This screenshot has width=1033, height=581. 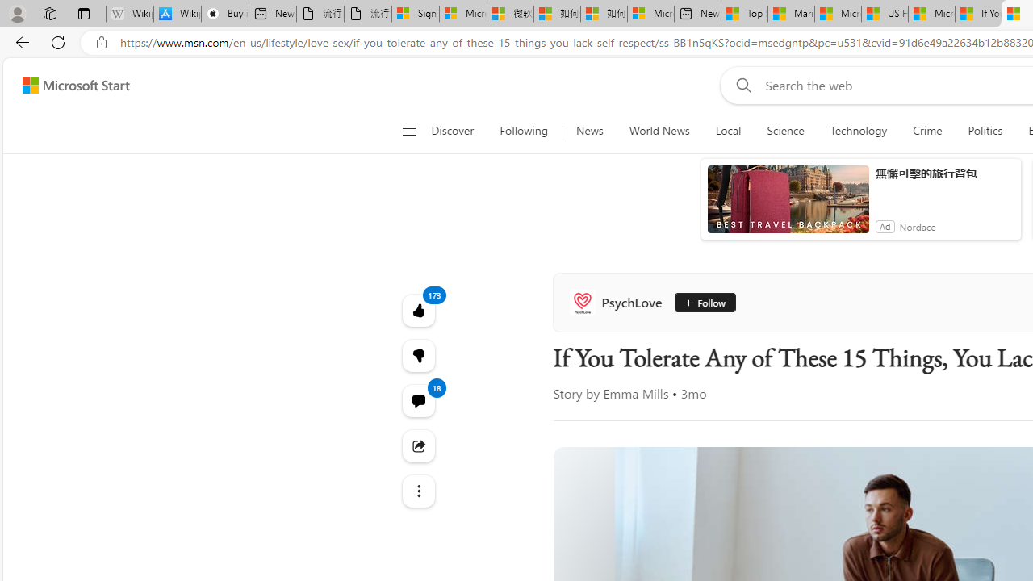 What do you see at coordinates (659, 131) in the screenshot?
I see `'World News'` at bounding box center [659, 131].